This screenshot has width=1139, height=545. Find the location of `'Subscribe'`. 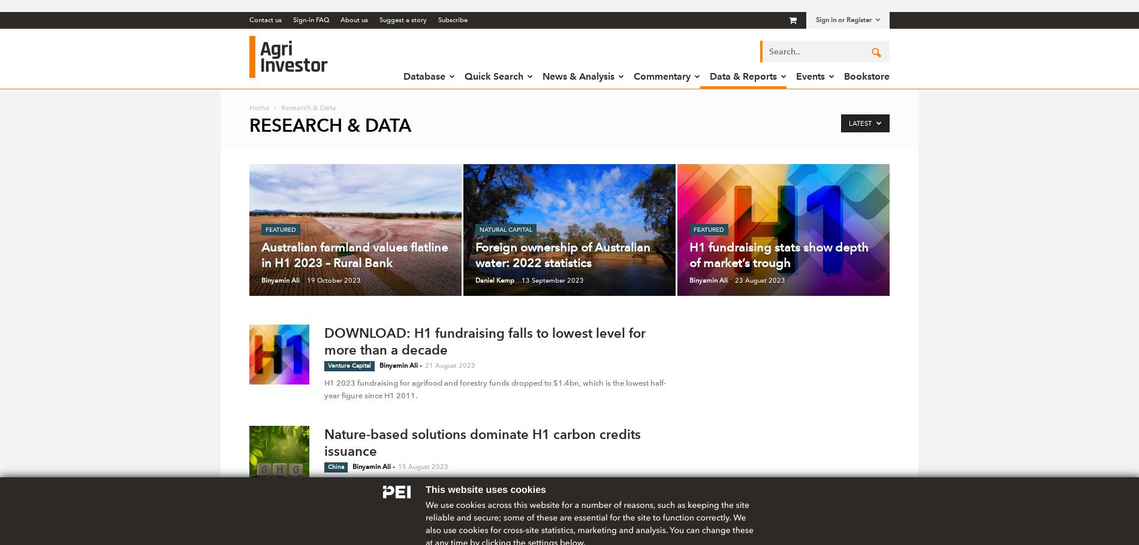

'Subscribe' is located at coordinates (452, 19).